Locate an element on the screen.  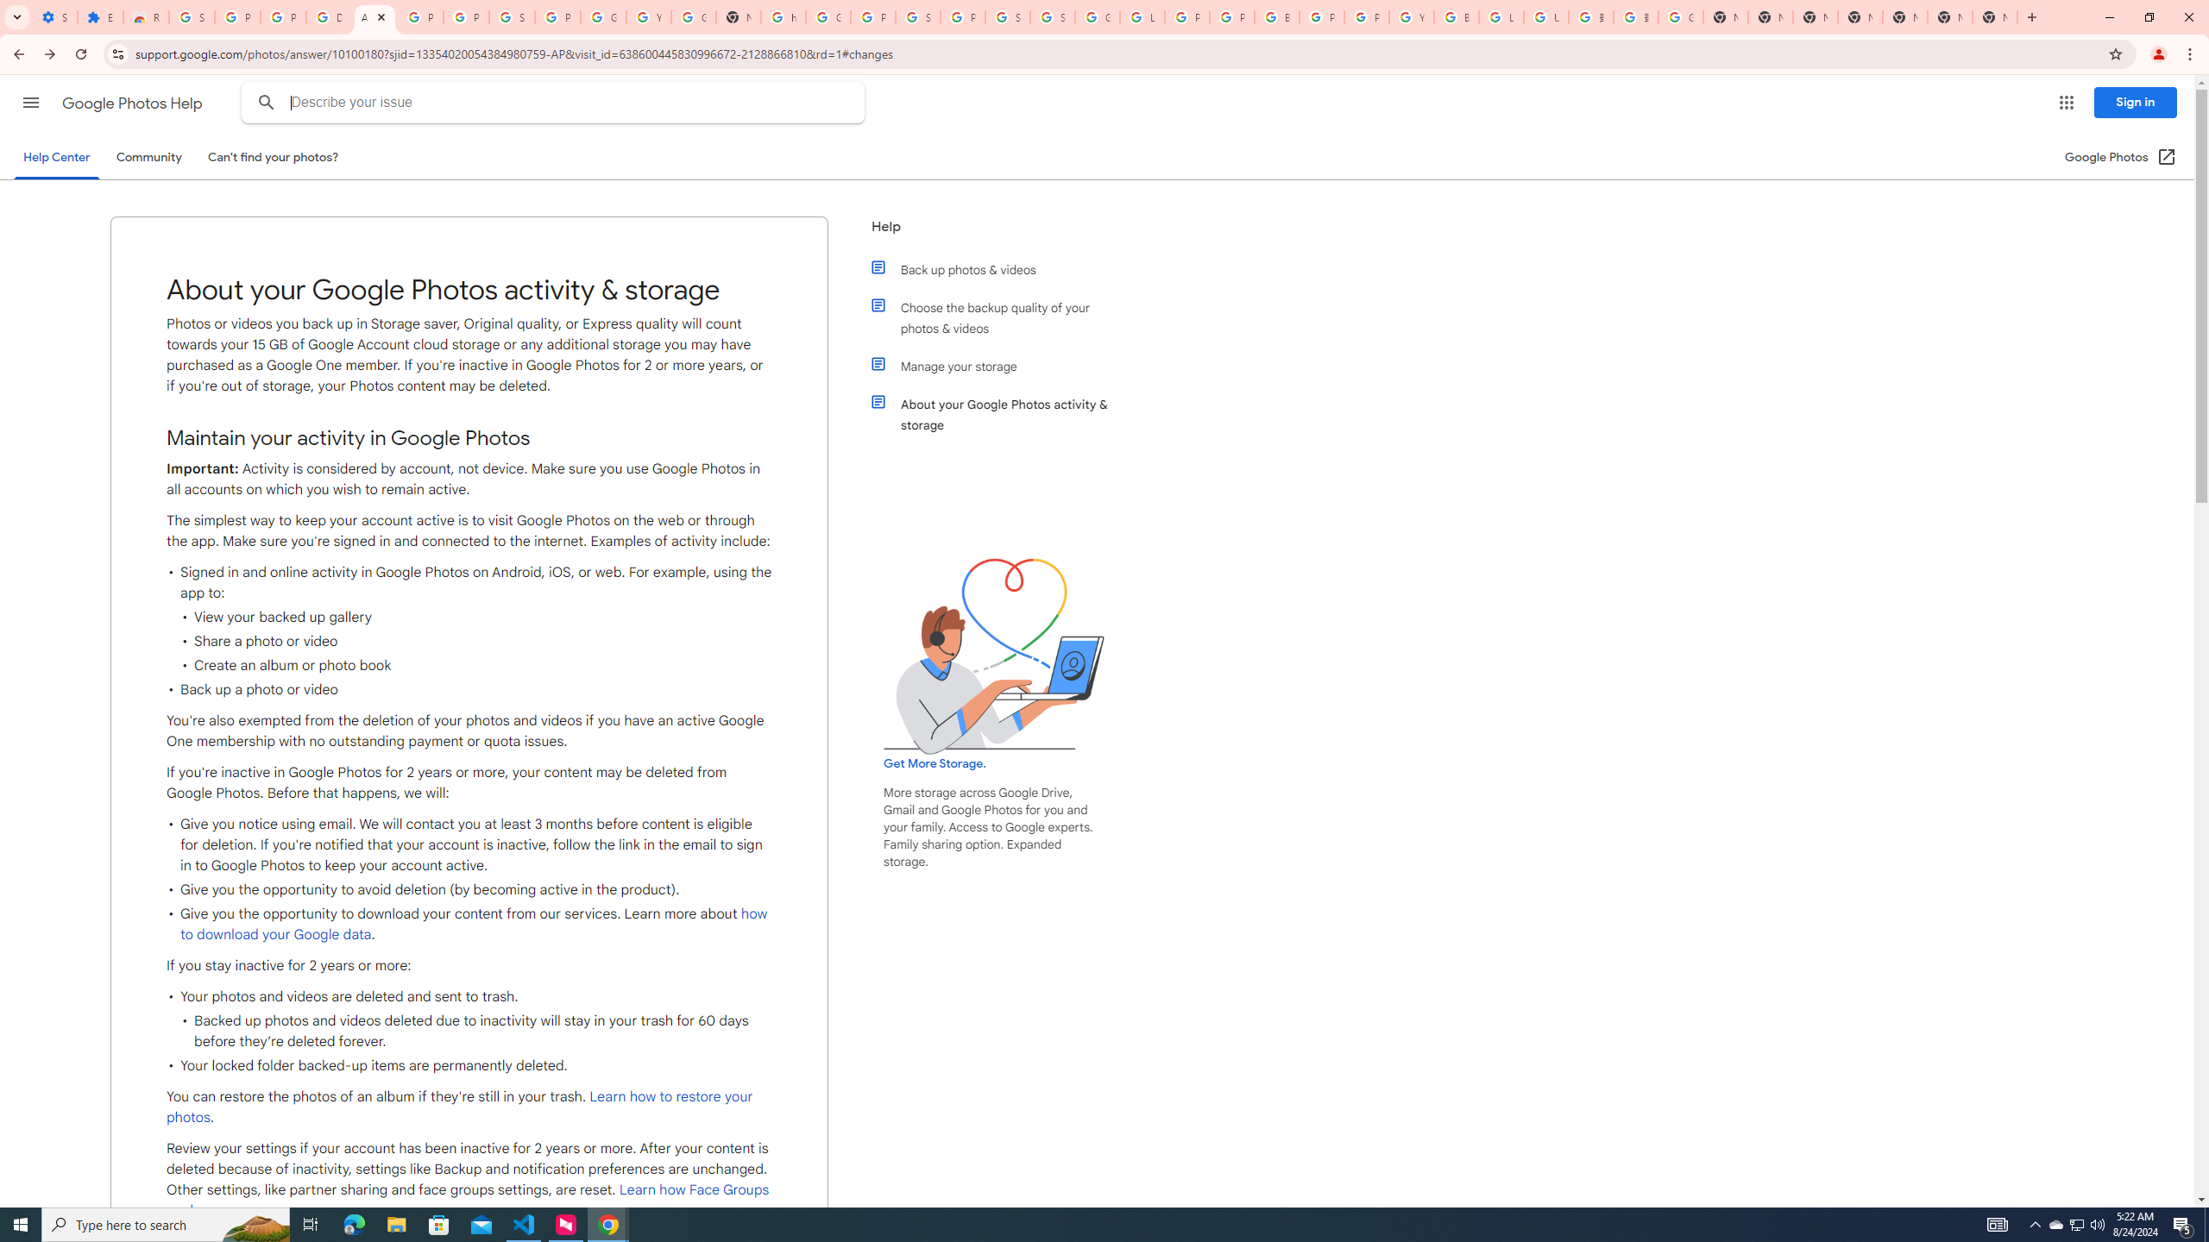
'Can' is located at coordinates (274, 156).